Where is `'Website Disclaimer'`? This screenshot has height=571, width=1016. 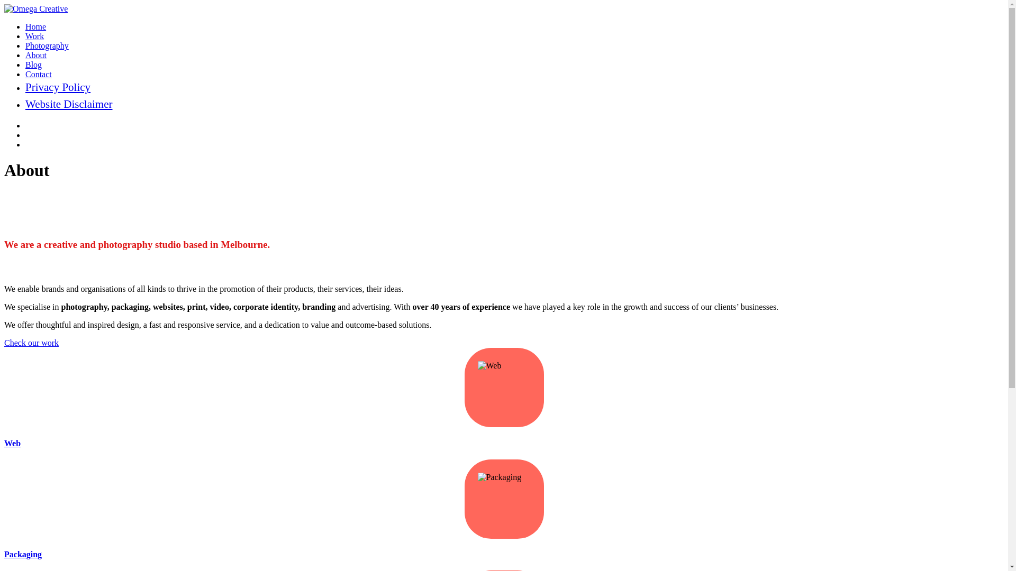 'Website Disclaimer' is located at coordinates (68, 104).